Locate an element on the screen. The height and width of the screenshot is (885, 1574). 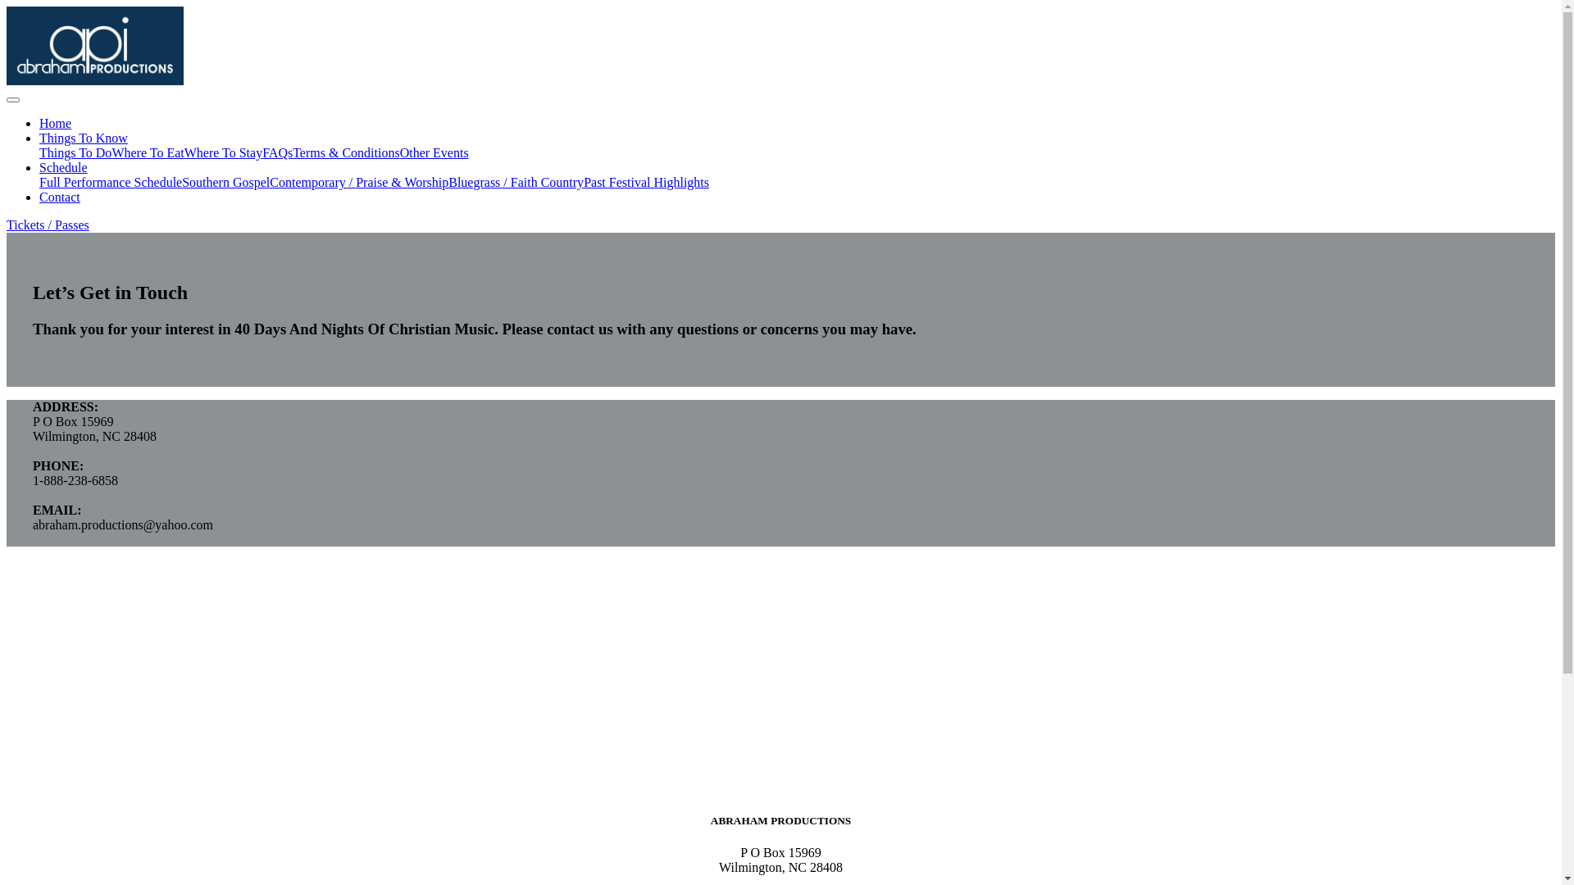
'Things To Know' is located at coordinates (82, 137).